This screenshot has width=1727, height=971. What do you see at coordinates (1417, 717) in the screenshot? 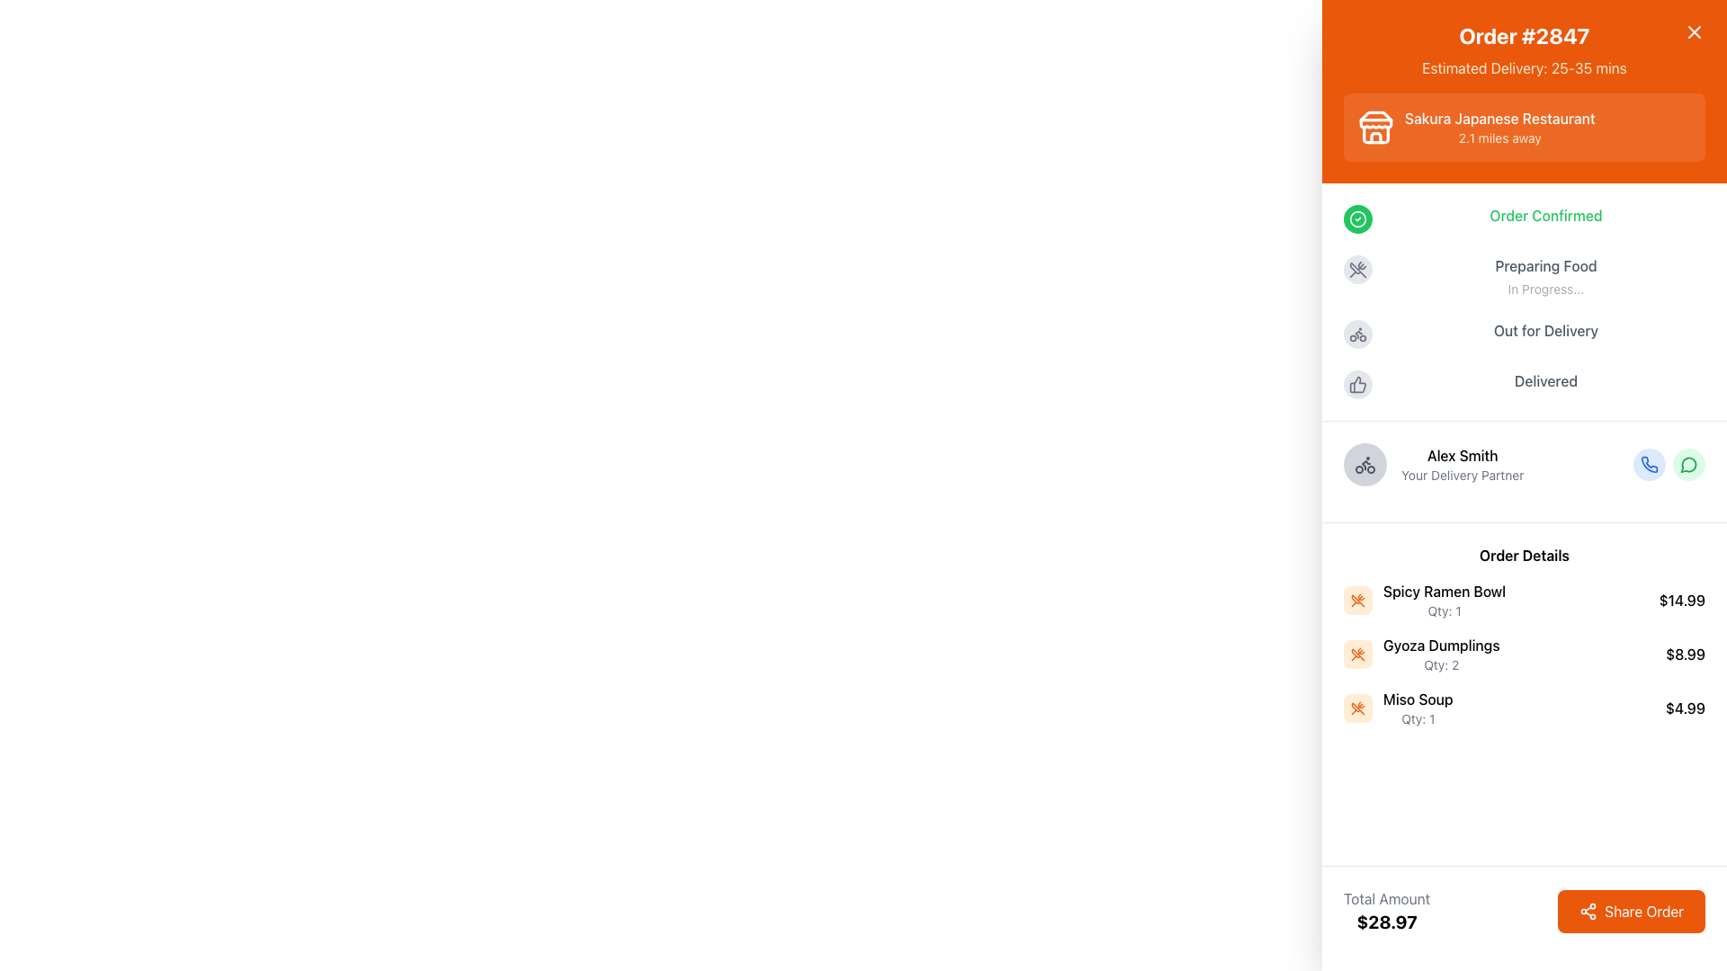
I see `the static text label displaying 'Qty: 1' located underneath the 'Miso Soup' item in the 'Order Details' list` at bounding box center [1417, 717].